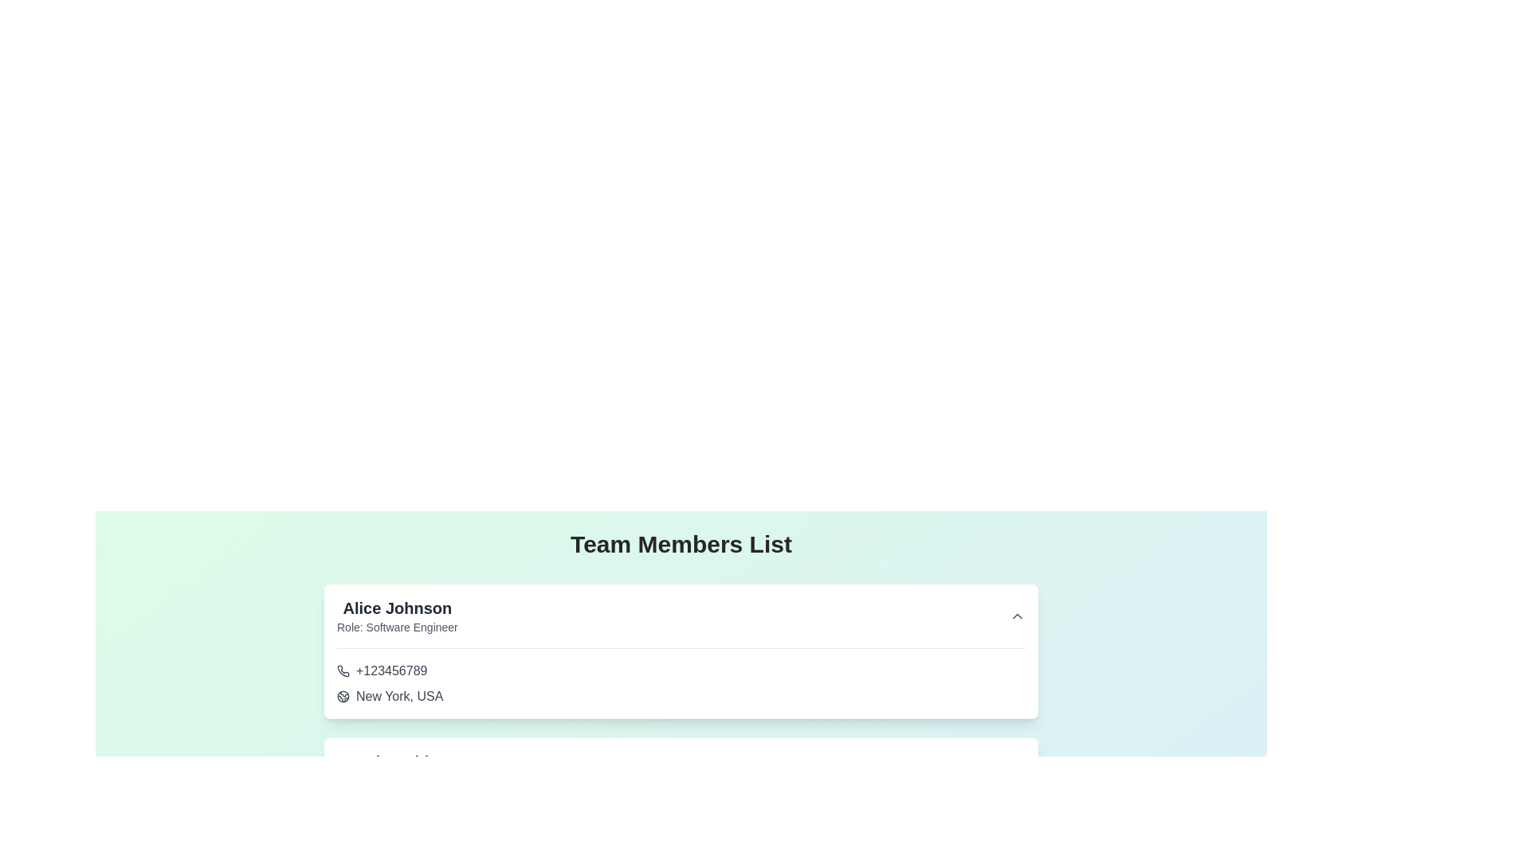  I want to click on the text label displaying 'Alice Johnson' and 'Software Engineer' located in the upper-left corner of the card structure, so click(397, 616).